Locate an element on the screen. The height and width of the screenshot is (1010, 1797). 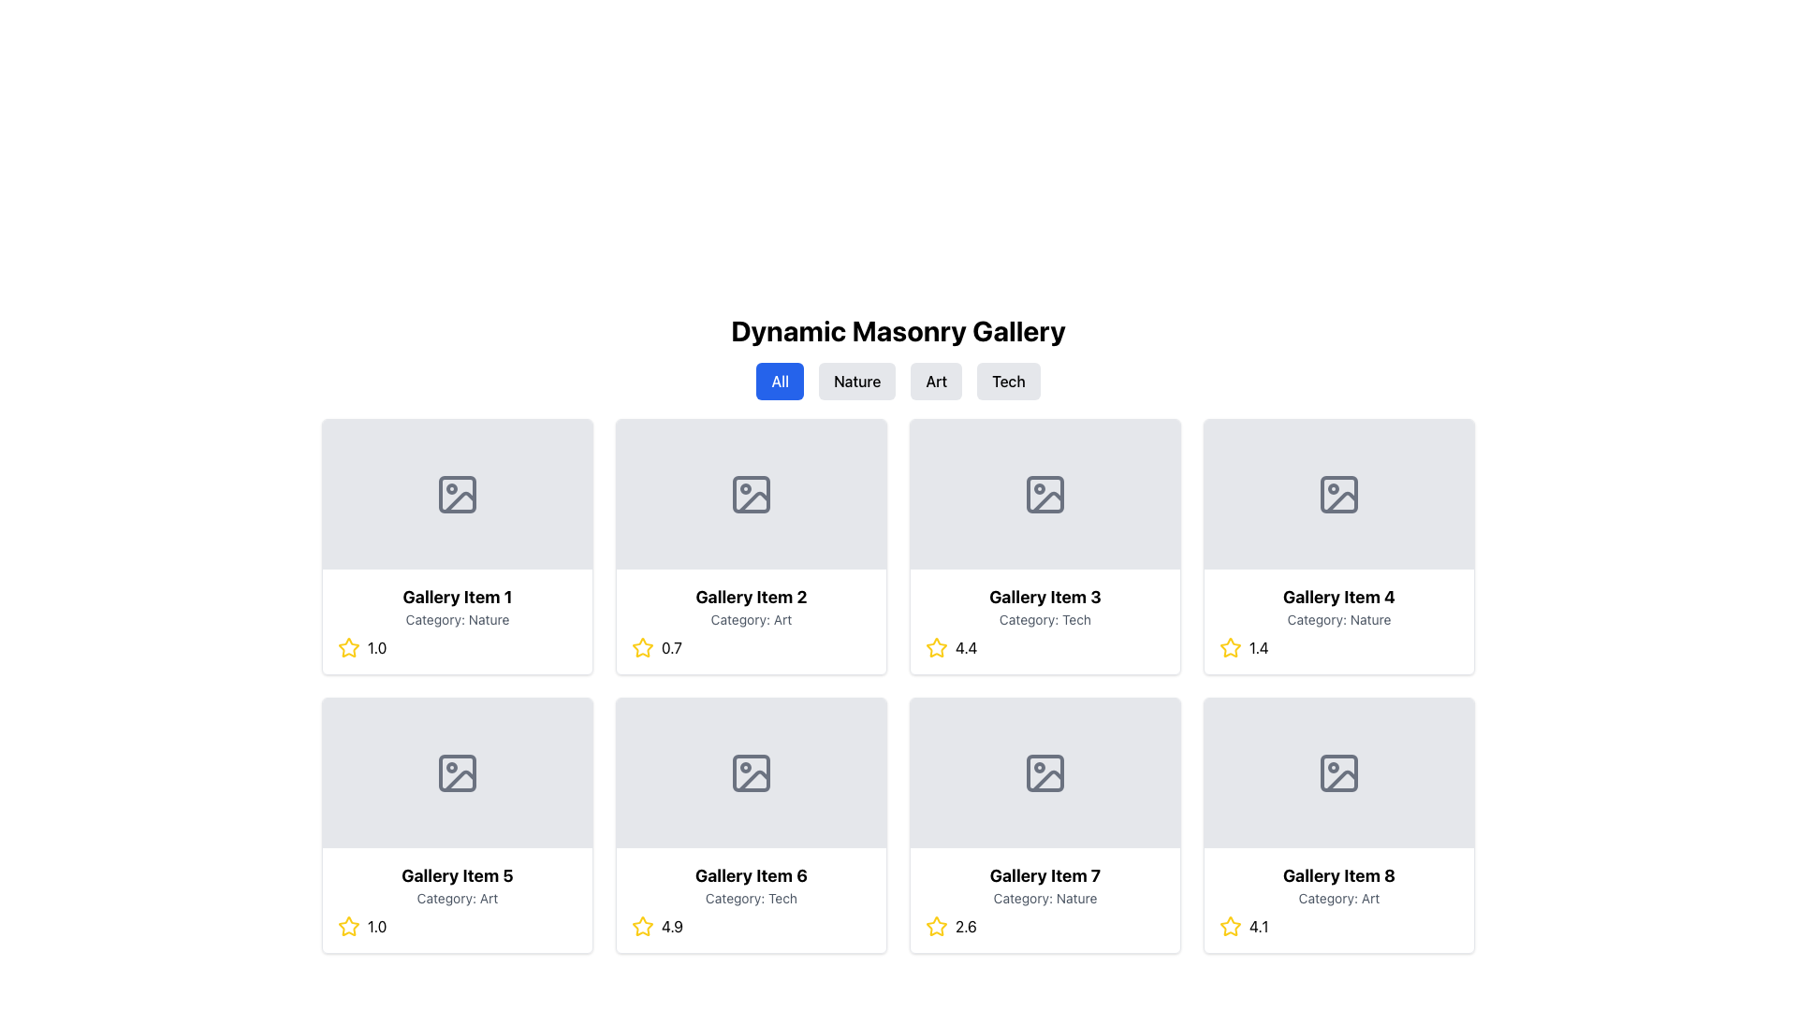
the Decorative SVG element located inside the image placeholder for 'Gallery Item 2', positioned to the bottom-left of the circular part of the image icon is located at coordinates (754, 500).